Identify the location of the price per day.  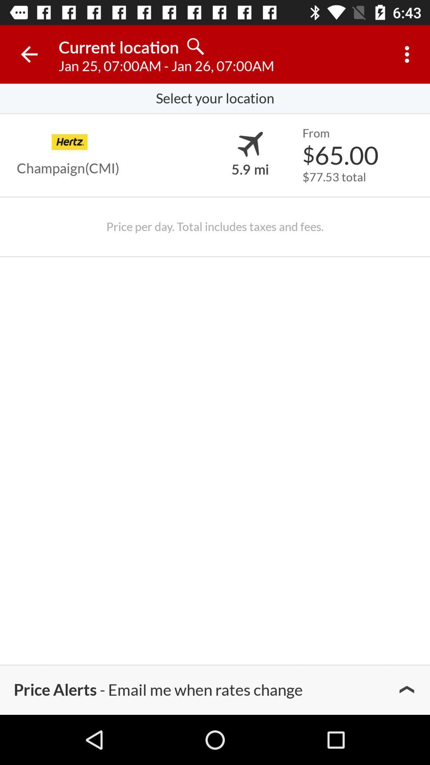
(215, 226).